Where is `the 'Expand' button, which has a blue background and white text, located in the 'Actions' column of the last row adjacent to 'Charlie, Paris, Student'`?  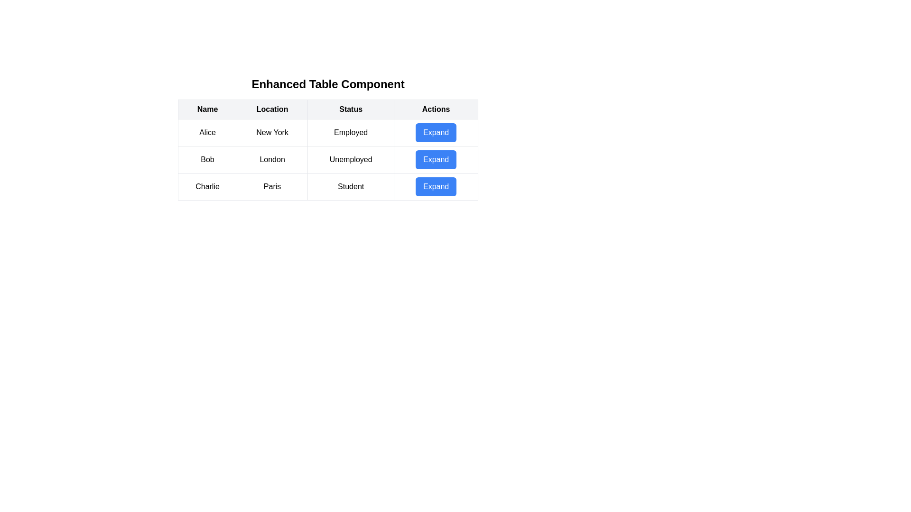 the 'Expand' button, which has a blue background and white text, located in the 'Actions' column of the last row adjacent to 'Charlie, Paris, Student' is located at coordinates (436, 186).